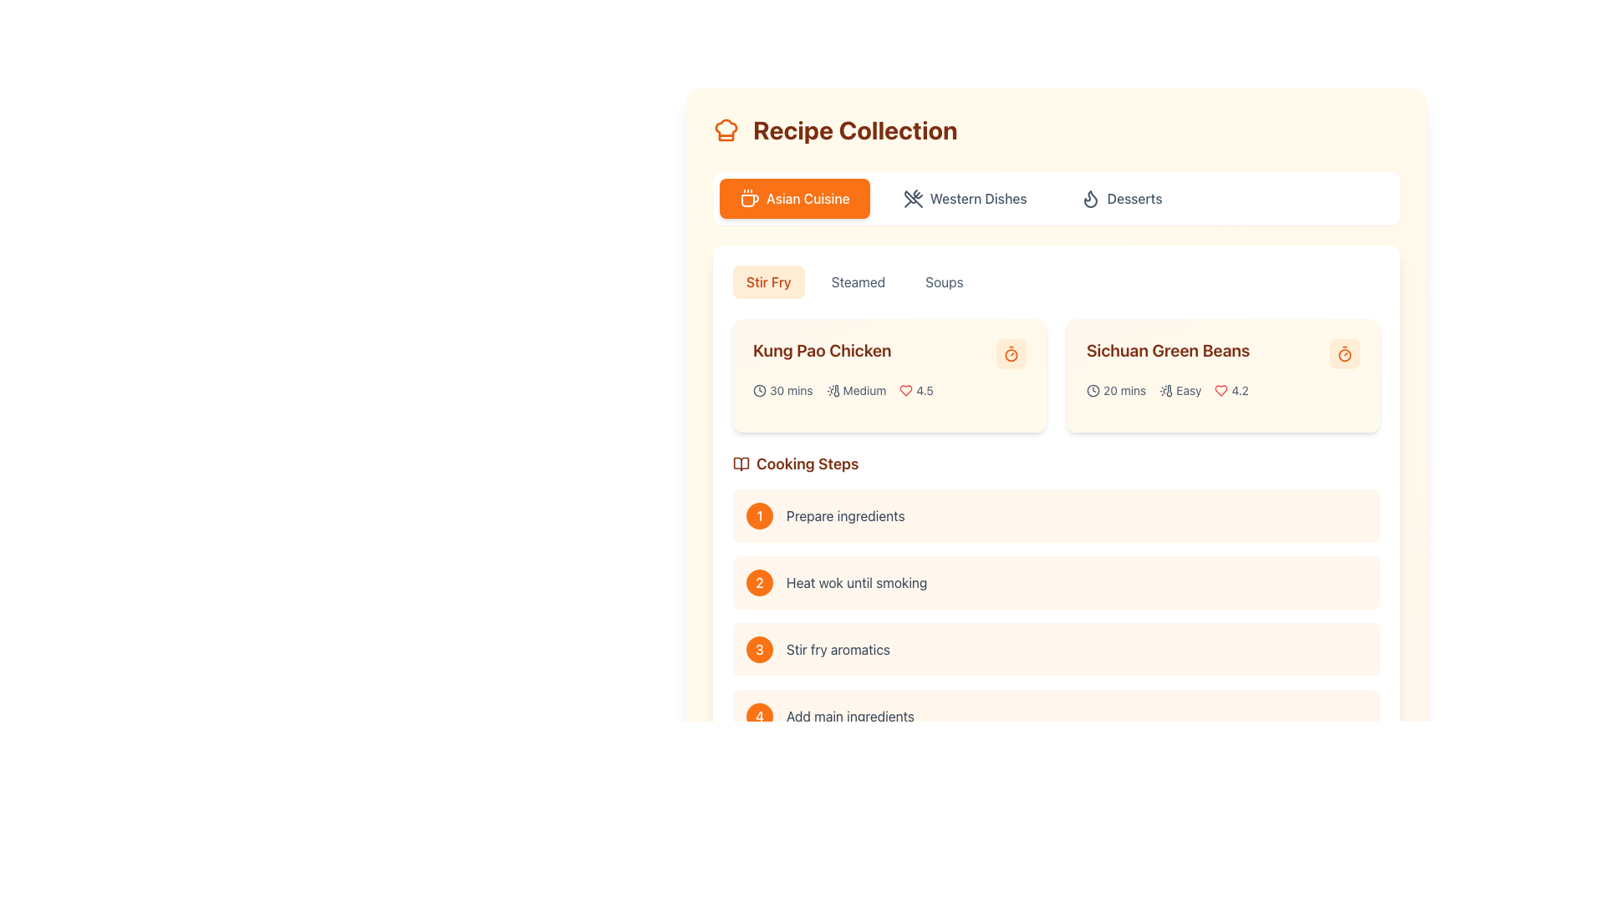 The height and width of the screenshot is (902, 1605). Describe the element at coordinates (924, 390) in the screenshot. I see `the text label displaying '4.5' which is located beside a red heart-shaped icon in the Kung Pao Chicken recipe card` at that location.